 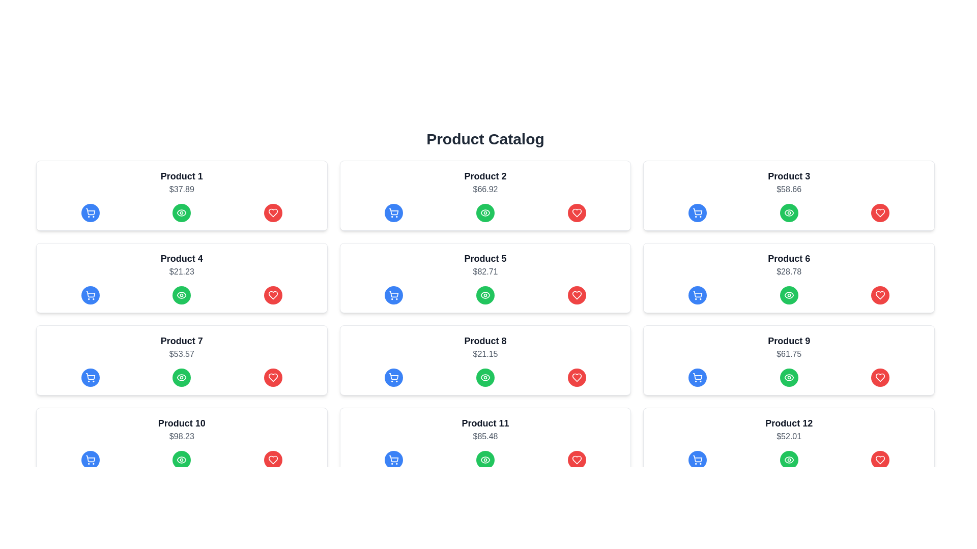 What do you see at coordinates (697, 378) in the screenshot?
I see `the leftmost button in the row of action buttons below the 'Product 9' card` at bounding box center [697, 378].